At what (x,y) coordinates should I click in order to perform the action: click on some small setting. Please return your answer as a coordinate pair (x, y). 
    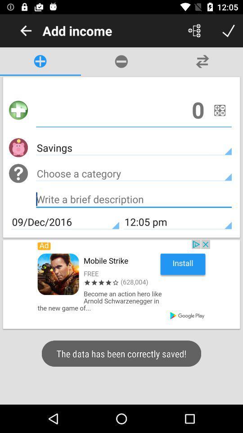
    Looking at the image, I should click on (219, 110).